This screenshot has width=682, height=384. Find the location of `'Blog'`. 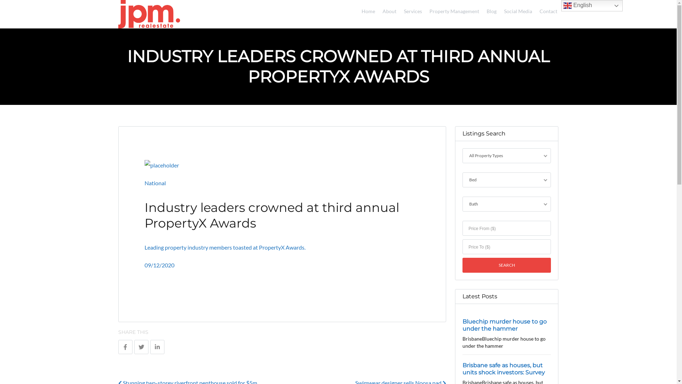

'Blog' is located at coordinates (489, 10).